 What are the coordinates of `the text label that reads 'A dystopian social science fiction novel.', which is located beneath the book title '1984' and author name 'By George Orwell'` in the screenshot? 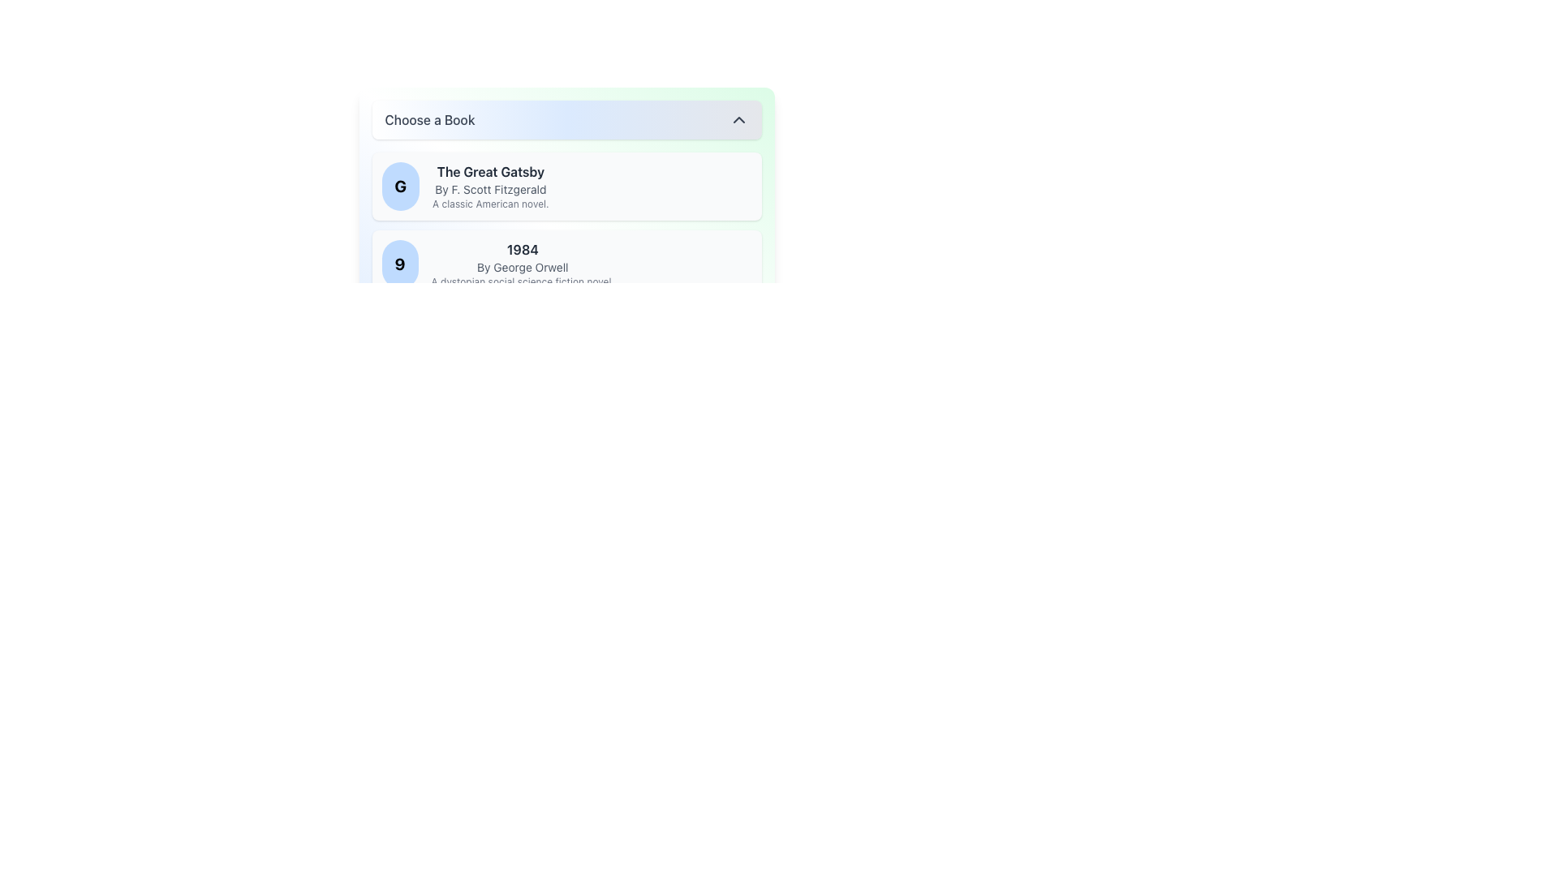 It's located at (523, 281).